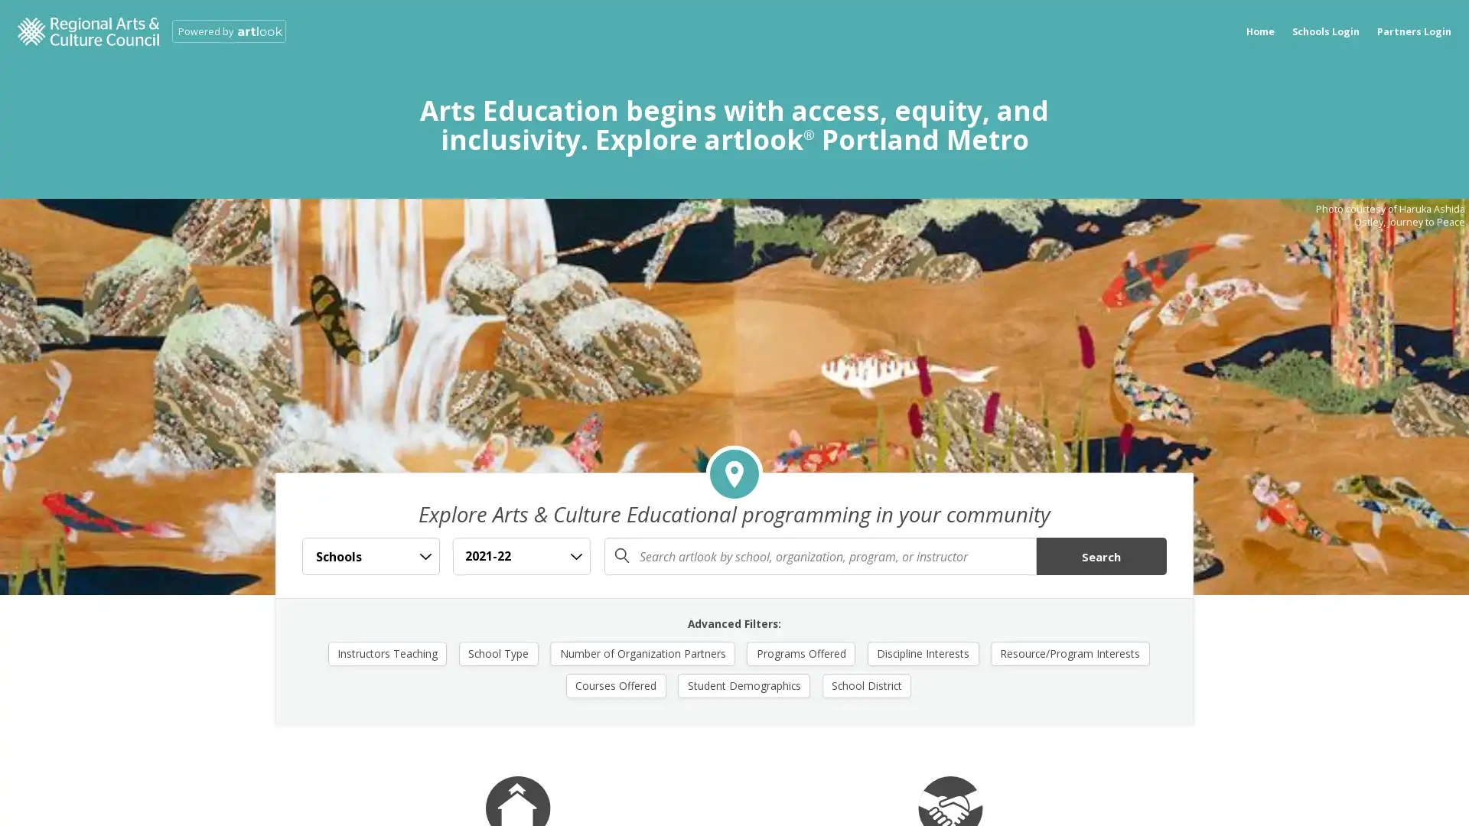 This screenshot has height=826, width=1469. Describe the element at coordinates (1100, 556) in the screenshot. I see `Search` at that location.